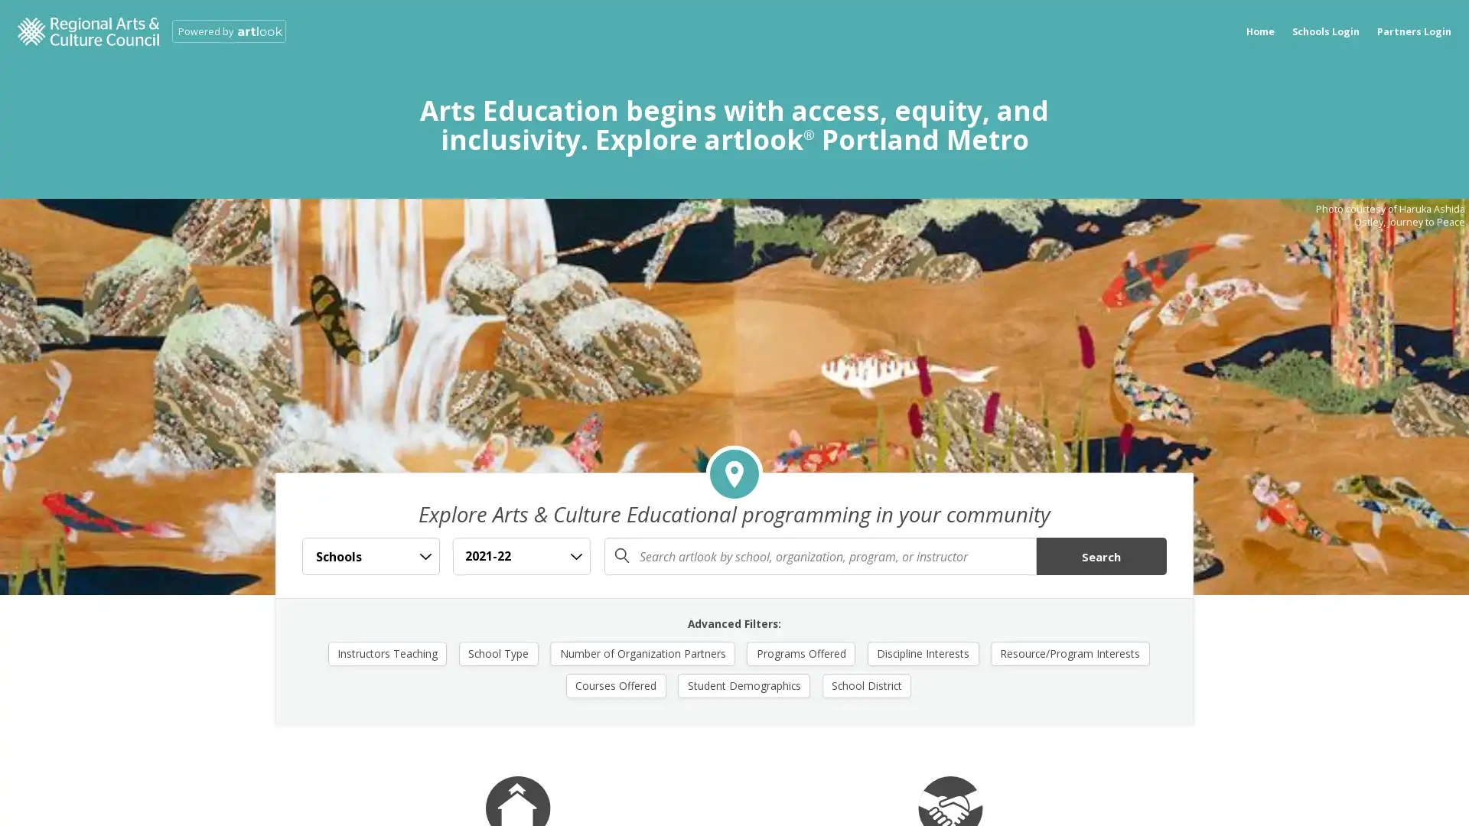 This screenshot has height=826, width=1469. Describe the element at coordinates (1100, 556) in the screenshot. I see `Search` at that location.